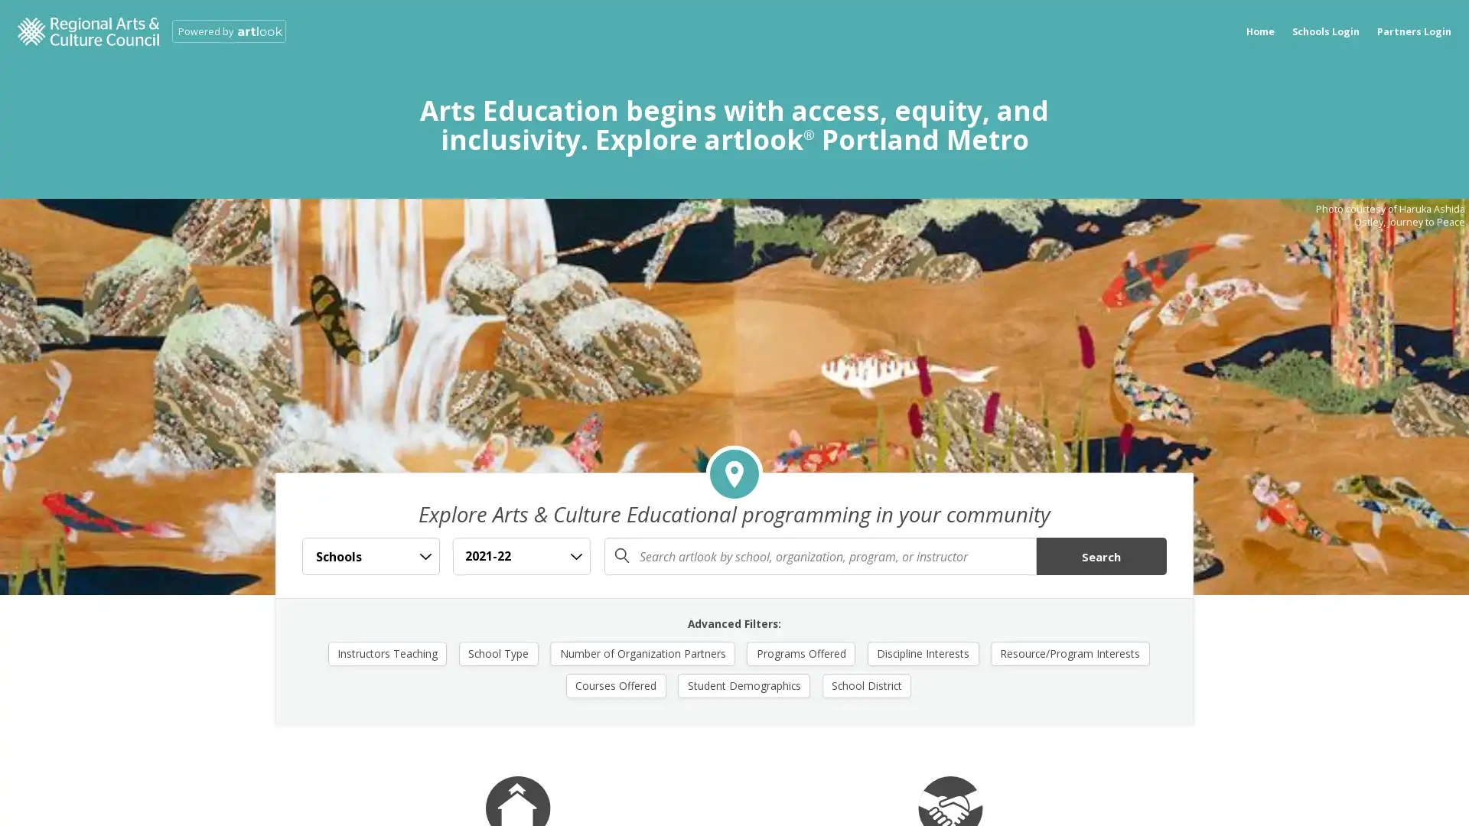 This screenshot has height=826, width=1469. Describe the element at coordinates (1100, 556) in the screenshot. I see `Search` at that location.